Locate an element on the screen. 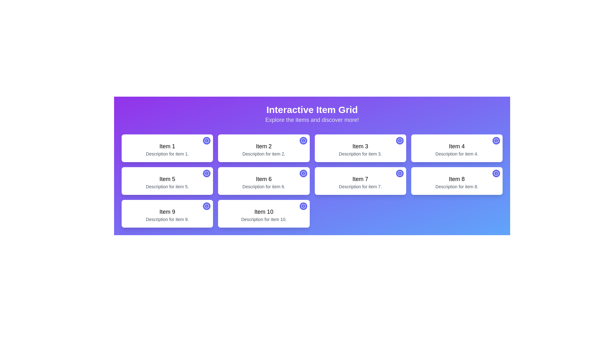 The width and height of the screenshot is (605, 340). the displayed information on the Card that provides details about 'Item 7', located in the second row, third column of a 4x4 grid layout is located at coordinates (360, 181).